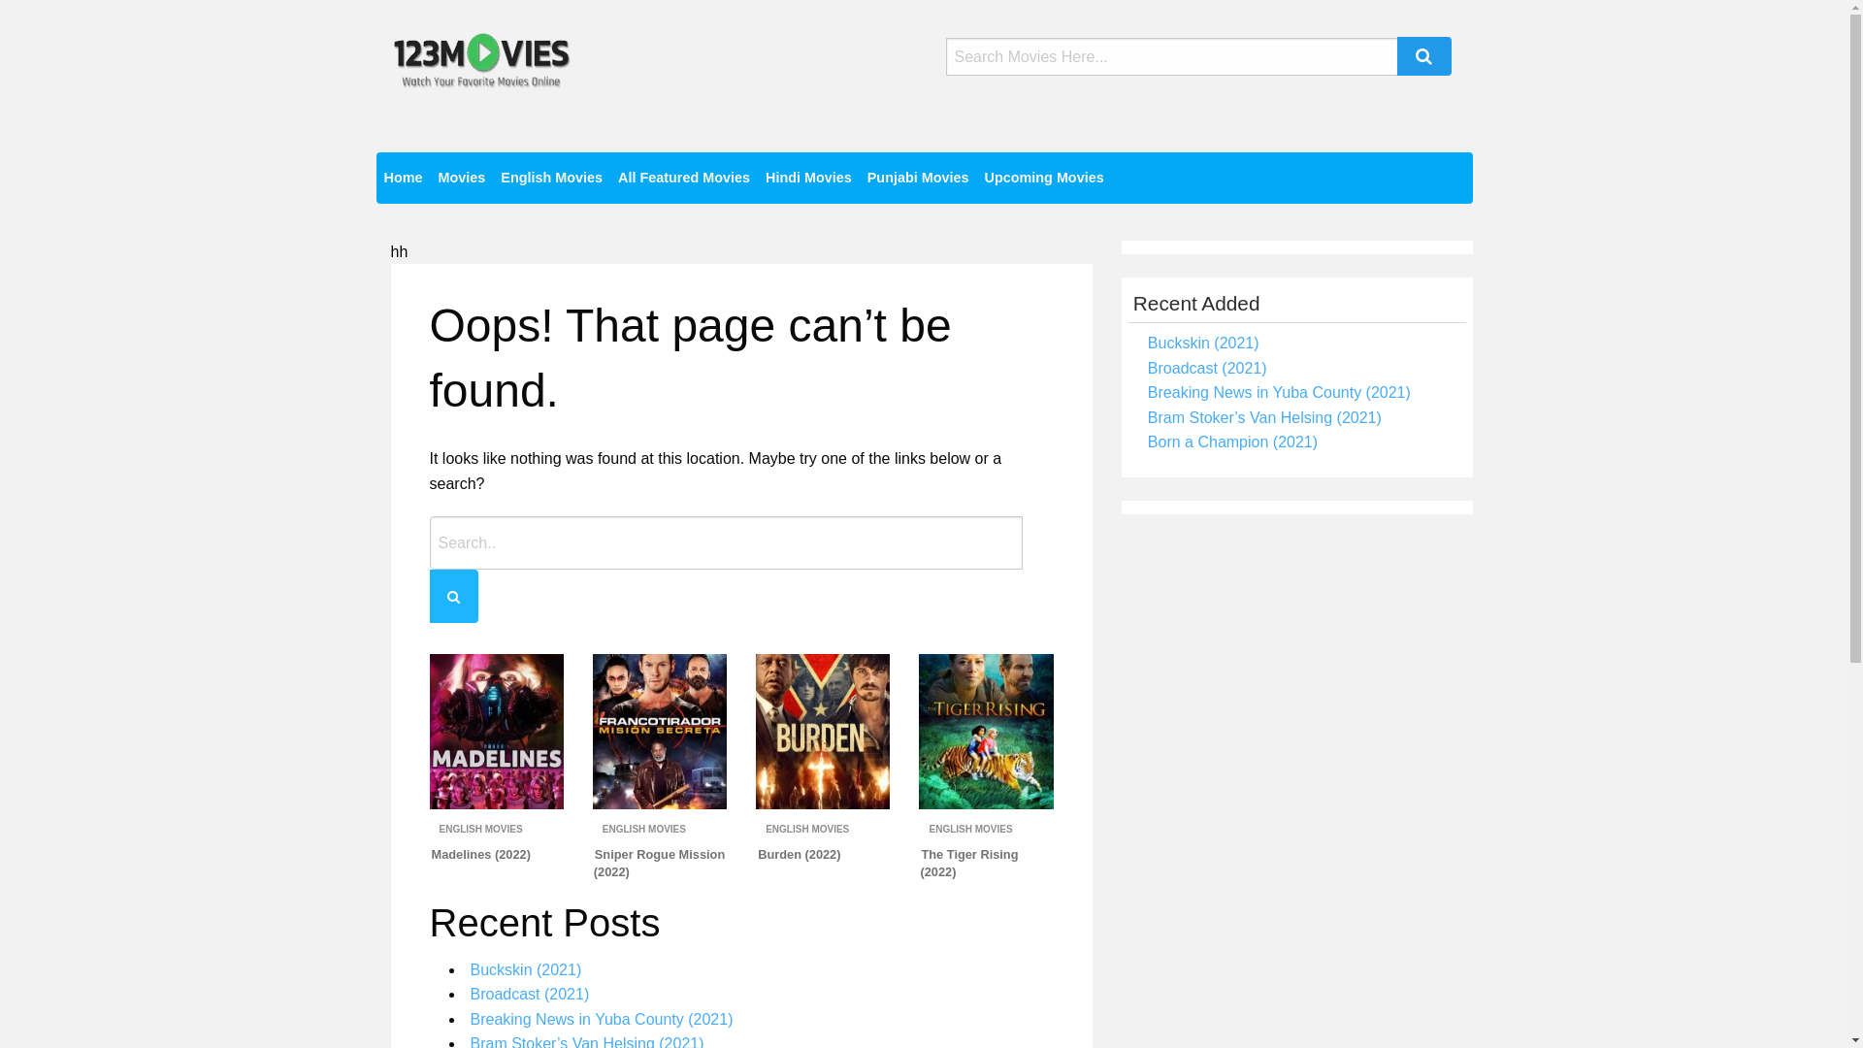  Describe the element at coordinates (1043, 178) in the screenshot. I see `'Upcoming Movies'` at that location.